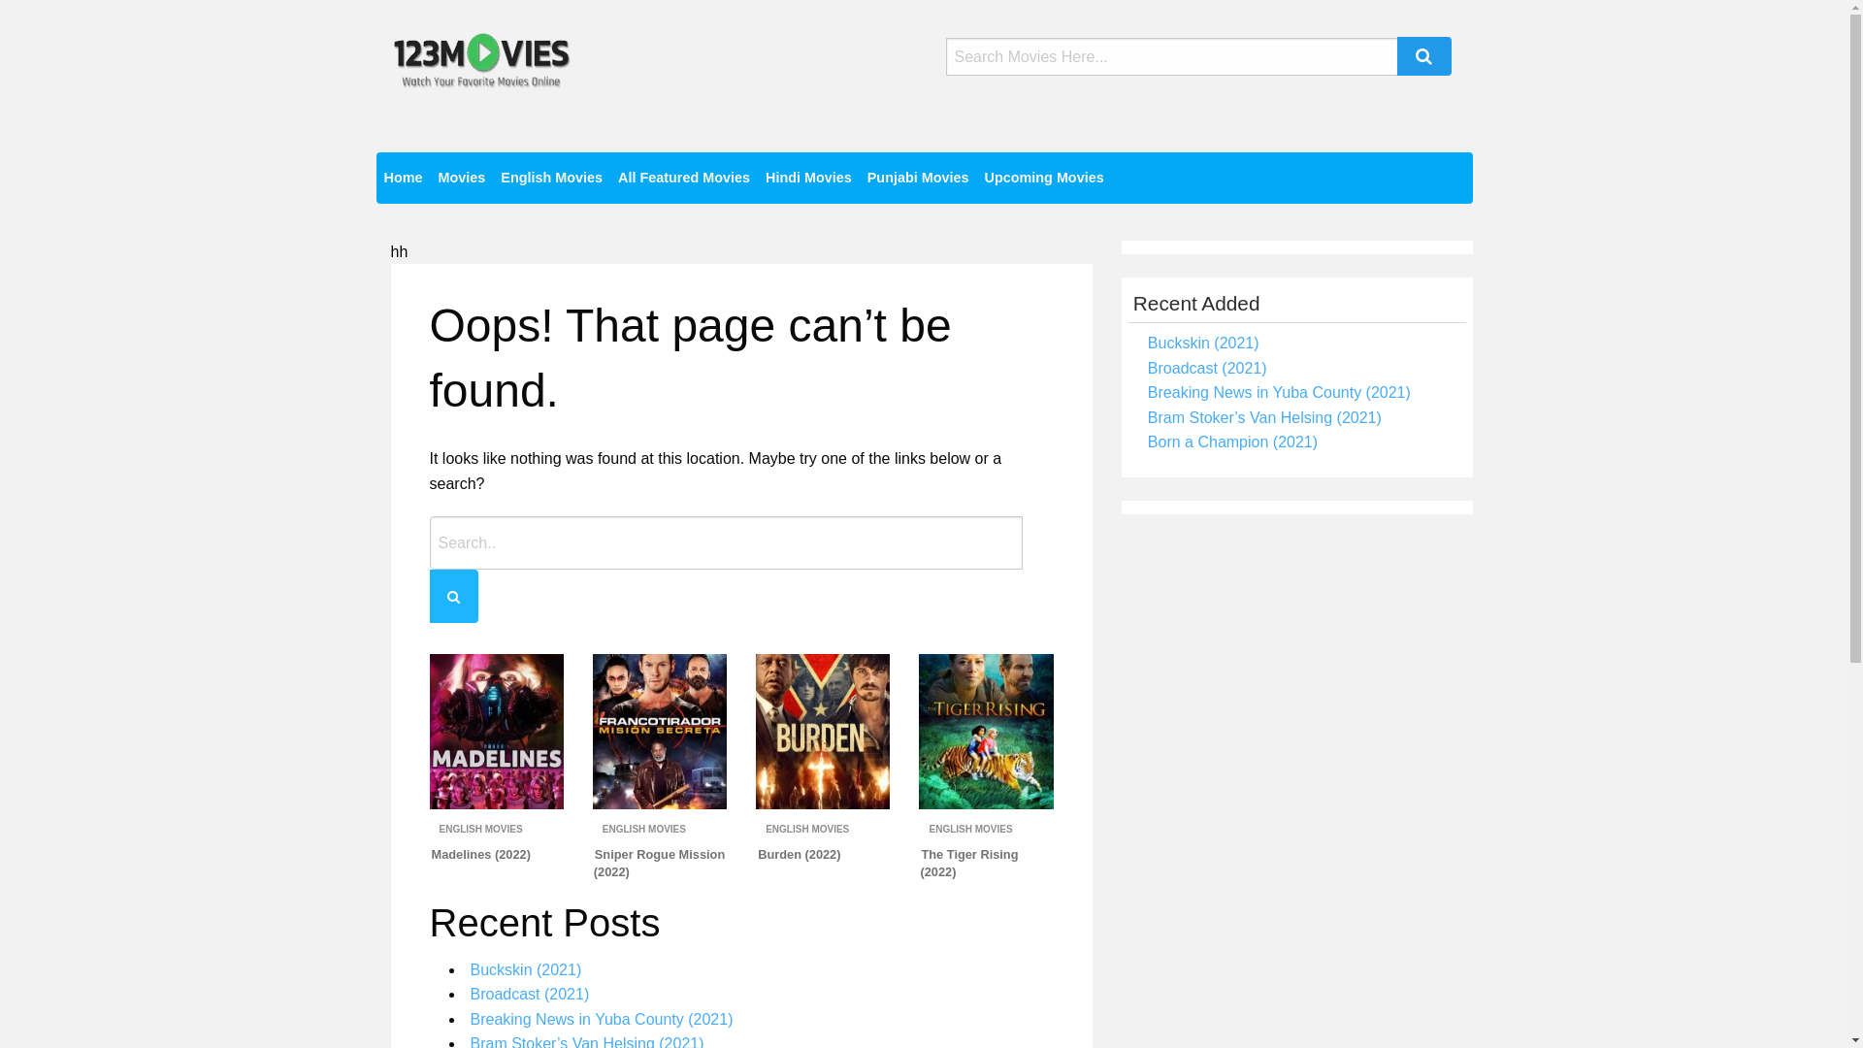  Describe the element at coordinates (1043, 178) in the screenshot. I see `'Upcoming Movies'` at that location.